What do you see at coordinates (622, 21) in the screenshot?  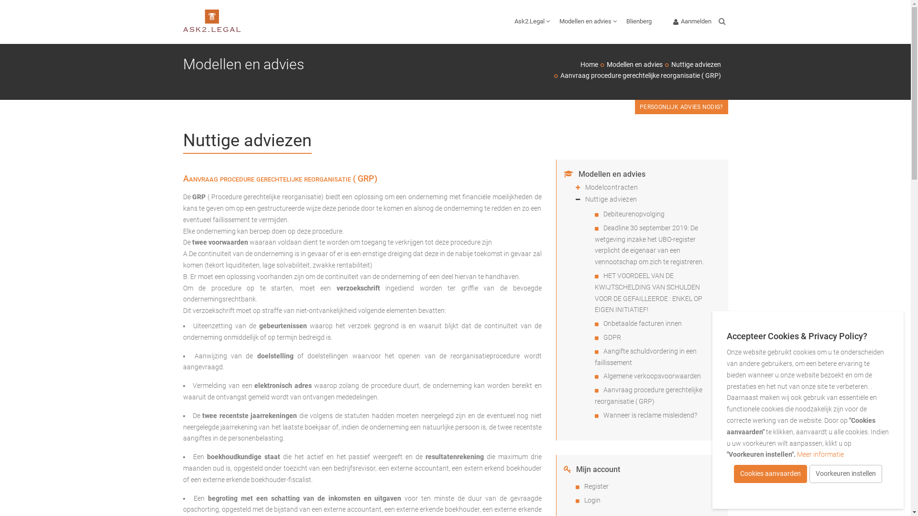 I see `'Blienberg'` at bounding box center [622, 21].